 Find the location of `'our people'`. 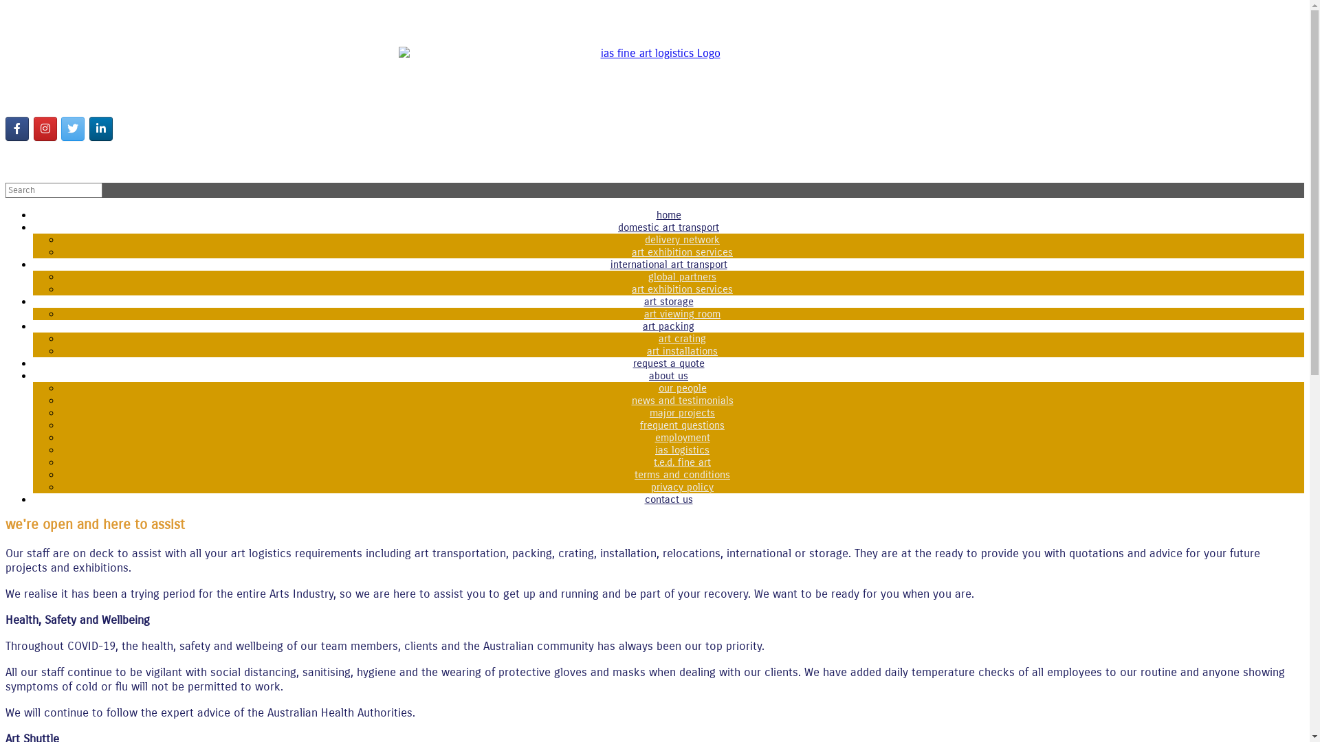

'our people' is located at coordinates (683, 387).